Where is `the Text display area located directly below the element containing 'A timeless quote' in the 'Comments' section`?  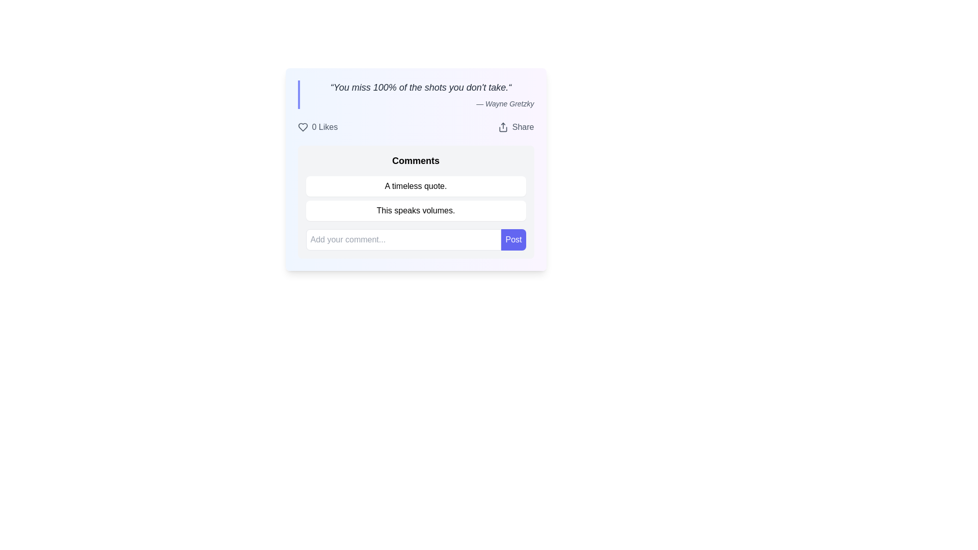 the Text display area located directly below the element containing 'A timeless quote' in the 'Comments' section is located at coordinates (416, 210).